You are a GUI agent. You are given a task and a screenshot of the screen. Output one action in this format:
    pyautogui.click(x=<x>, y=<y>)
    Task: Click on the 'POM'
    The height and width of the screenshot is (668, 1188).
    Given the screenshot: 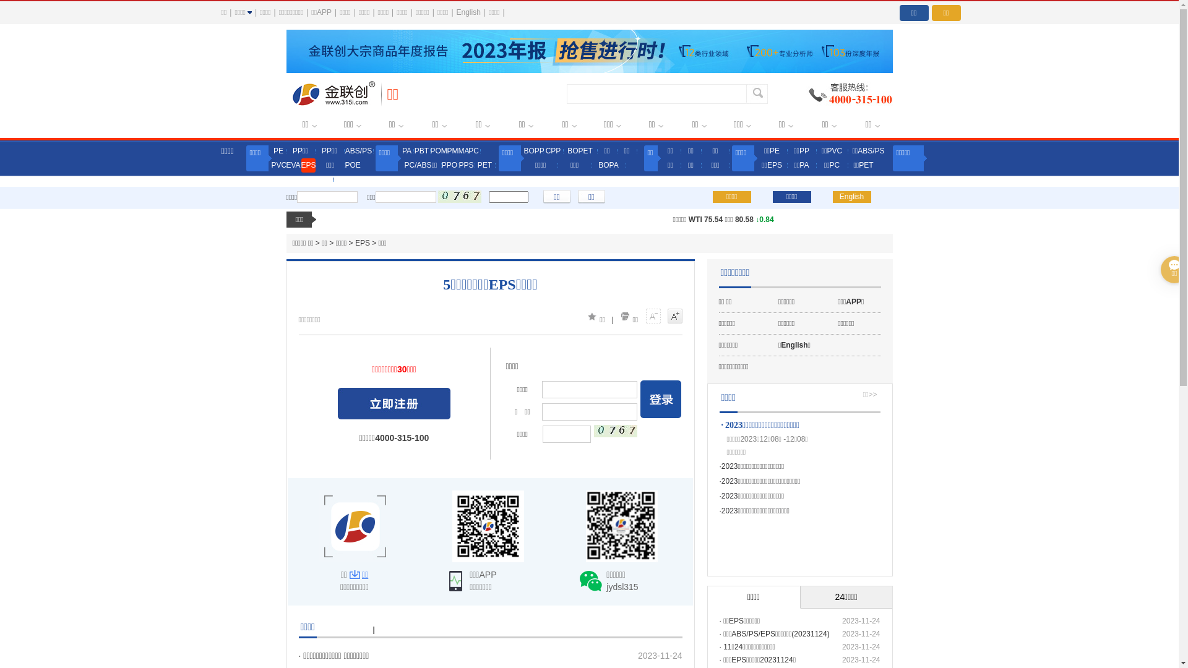 What is the action you would take?
    pyautogui.click(x=431, y=150)
    